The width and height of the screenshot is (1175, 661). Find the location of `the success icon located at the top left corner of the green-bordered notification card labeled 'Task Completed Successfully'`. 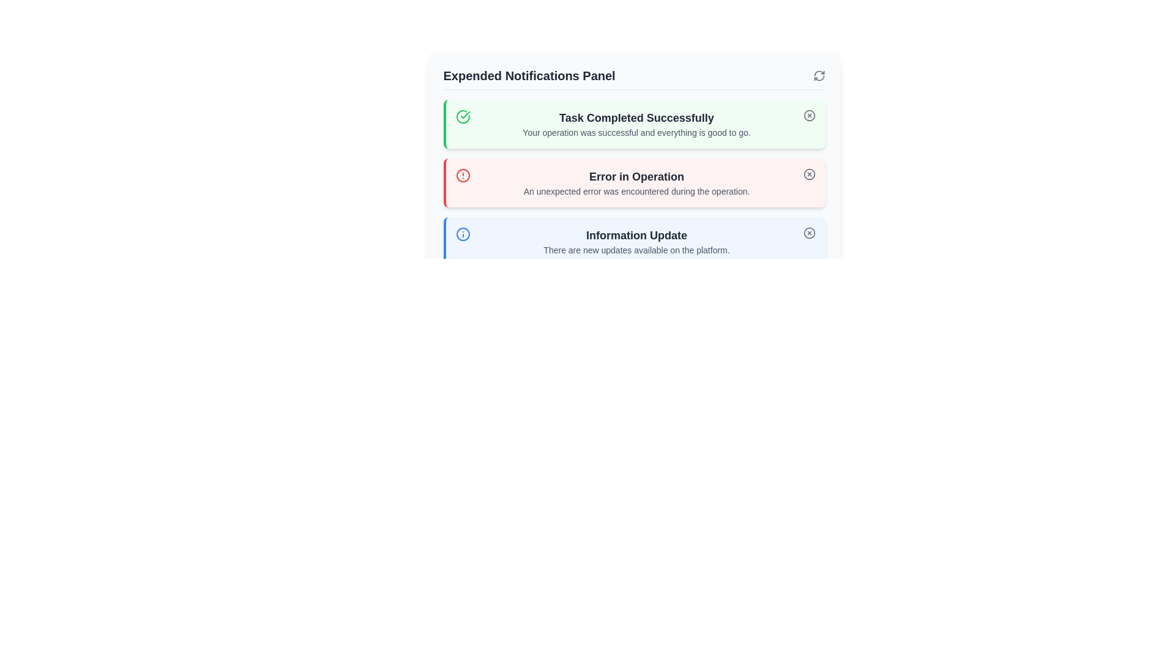

the success icon located at the top left corner of the green-bordered notification card labeled 'Task Completed Successfully' is located at coordinates (462, 117).